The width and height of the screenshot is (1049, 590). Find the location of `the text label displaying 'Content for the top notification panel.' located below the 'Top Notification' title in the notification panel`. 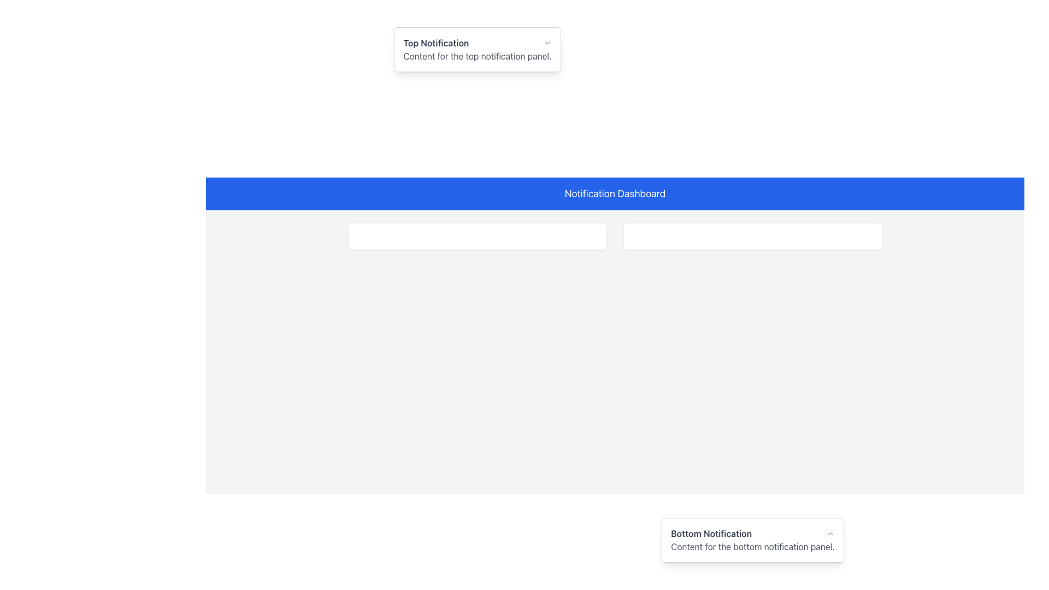

the text label displaying 'Content for the top notification panel.' located below the 'Top Notification' title in the notification panel is located at coordinates (477, 56).